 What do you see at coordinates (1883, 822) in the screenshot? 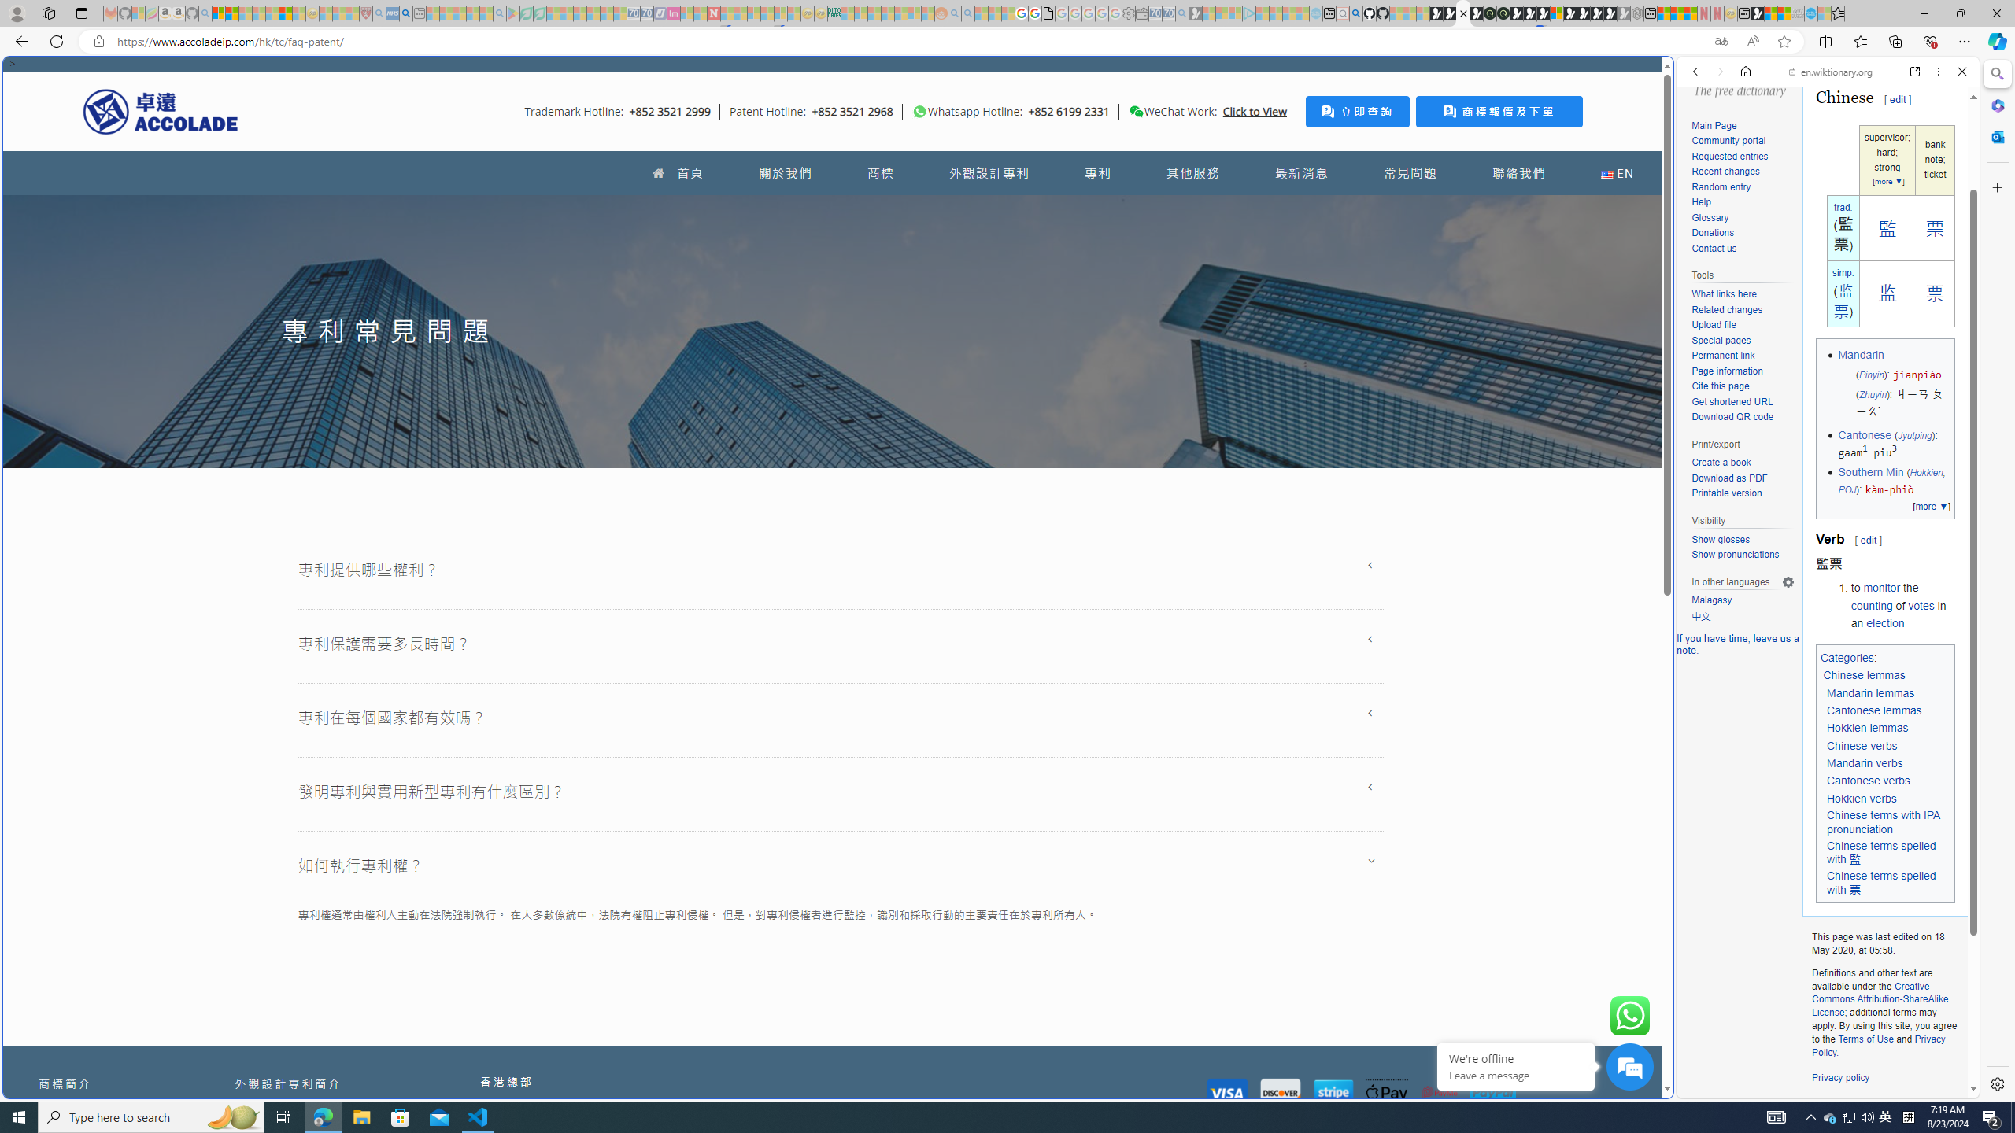
I see `'Chinese terms with IPA pronunciation'` at bounding box center [1883, 822].